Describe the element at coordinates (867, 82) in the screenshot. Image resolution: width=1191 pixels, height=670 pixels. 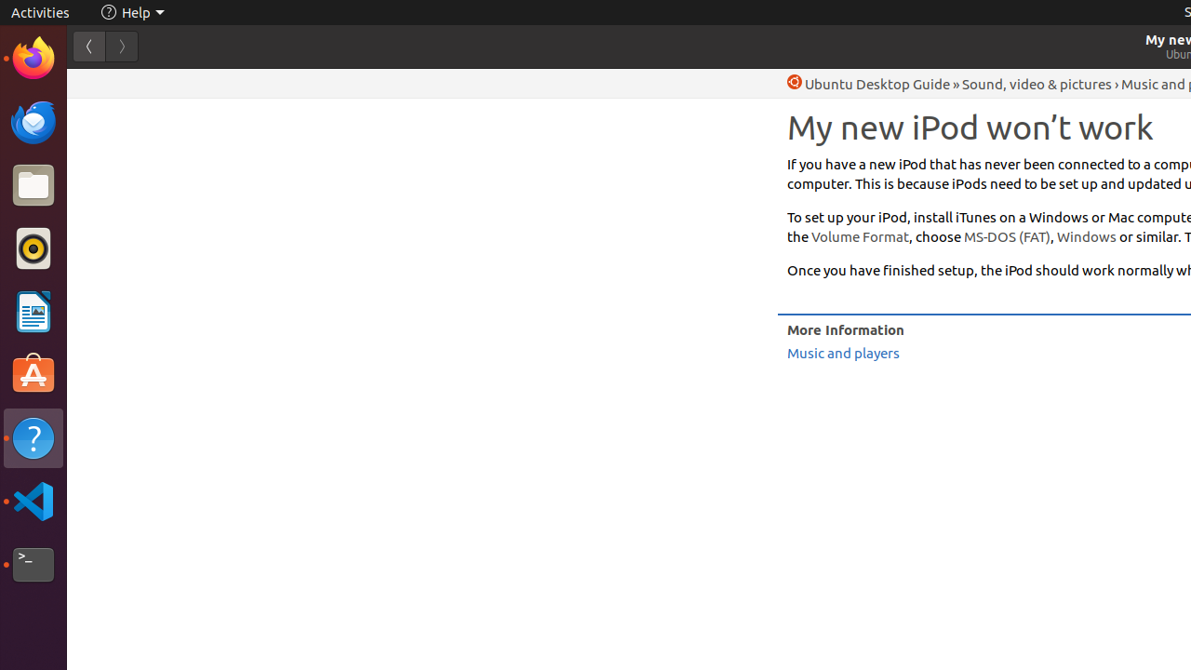
I see `'Help Ubuntu Desktop Guide'` at that location.